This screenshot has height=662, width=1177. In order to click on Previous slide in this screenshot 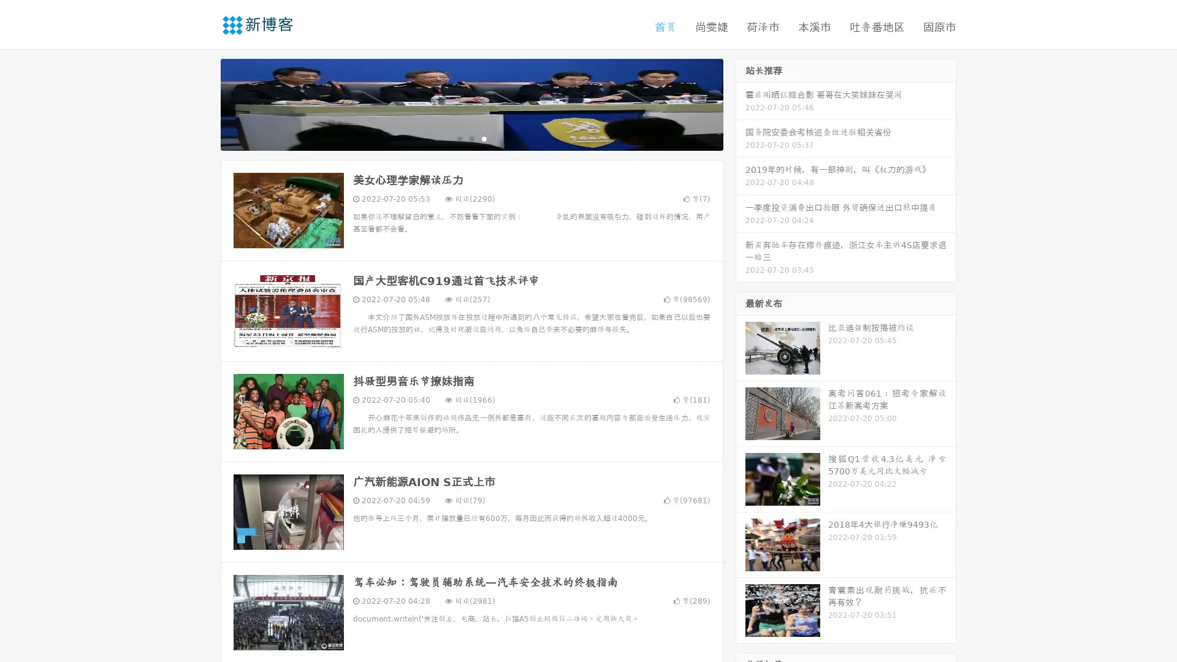, I will do `click(202, 103)`.